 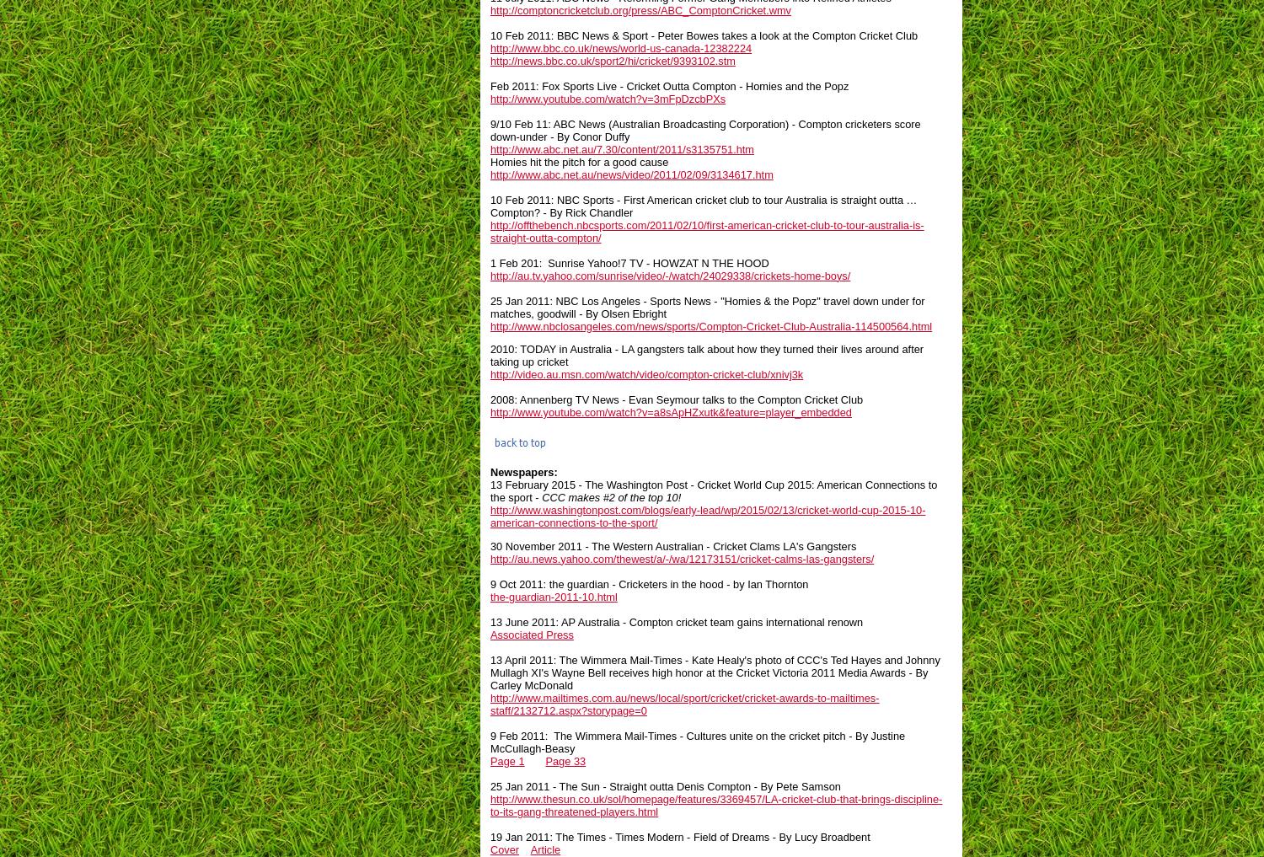 I want to click on 'Article', so click(x=544, y=849).